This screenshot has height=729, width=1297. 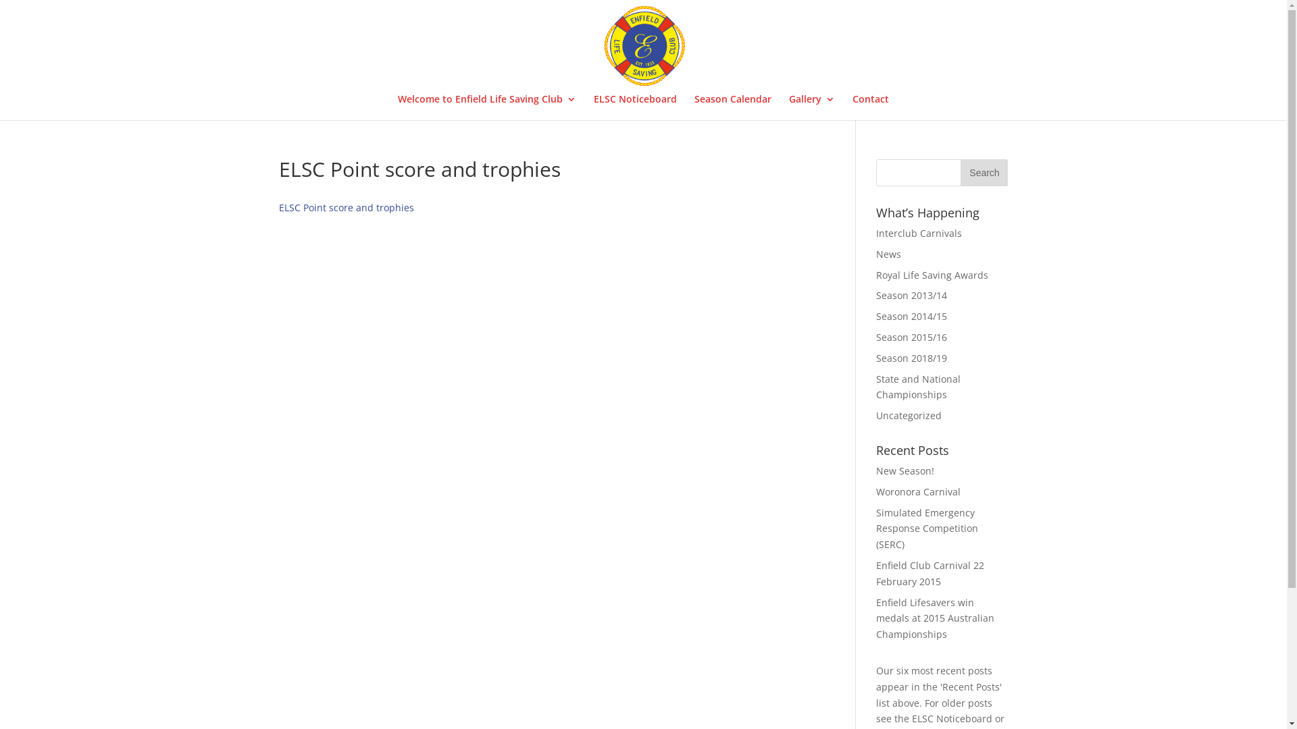 I want to click on 'ELSC Noticeboard', so click(x=634, y=106).